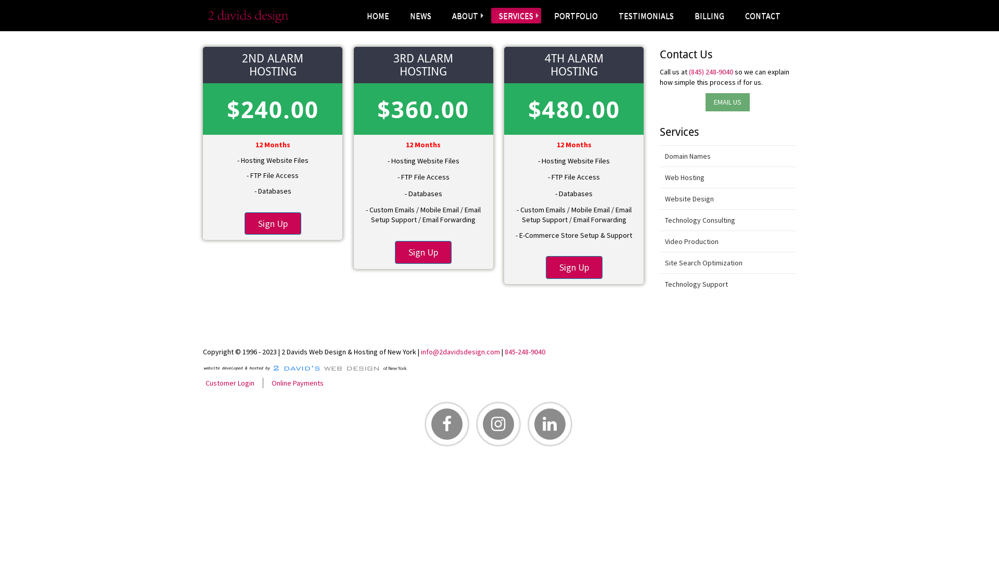 The height and width of the screenshot is (562, 999). What do you see at coordinates (575, 16) in the screenshot?
I see `'PORTFOLIO'` at bounding box center [575, 16].